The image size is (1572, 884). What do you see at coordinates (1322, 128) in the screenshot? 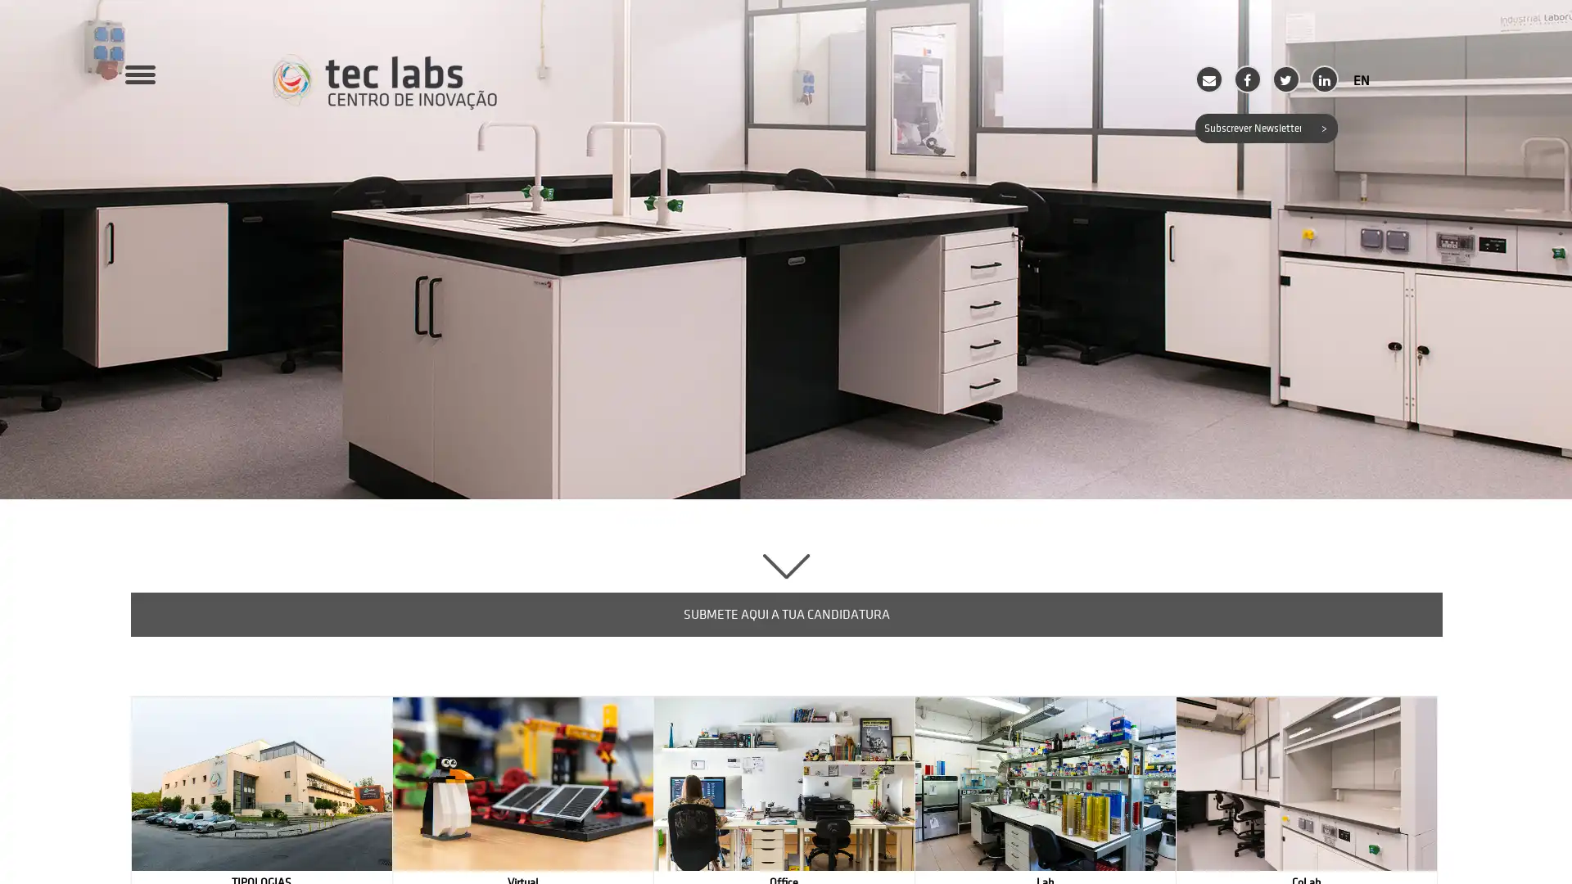
I see `>` at bounding box center [1322, 128].